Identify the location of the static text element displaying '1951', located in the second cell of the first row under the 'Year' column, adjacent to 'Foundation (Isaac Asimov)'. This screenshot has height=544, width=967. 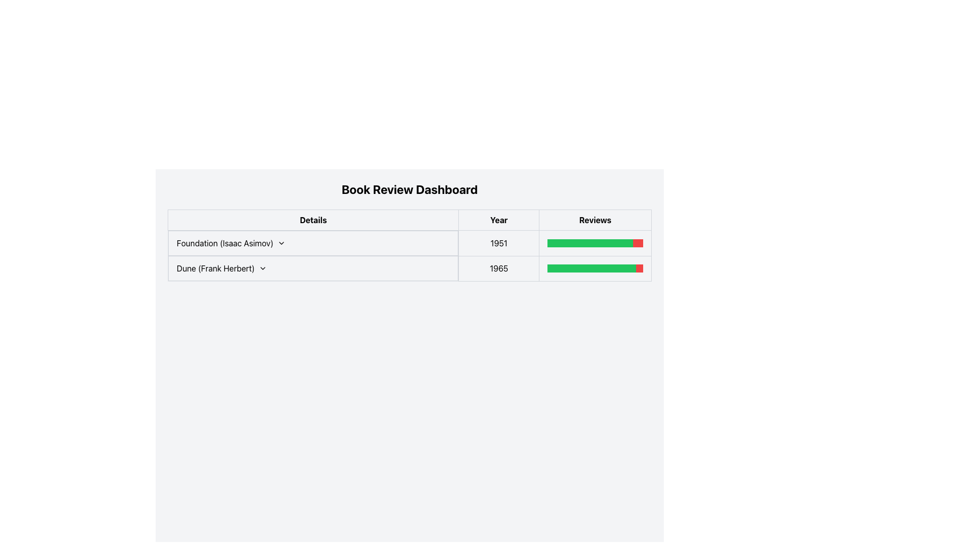
(499, 243).